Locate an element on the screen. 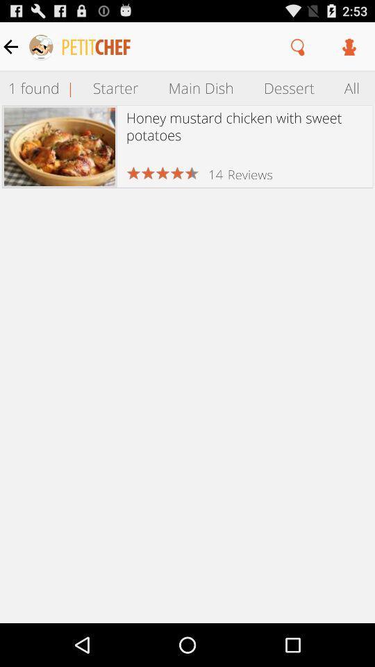 The width and height of the screenshot is (375, 667). item to the right of 14 is located at coordinates (249, 174).